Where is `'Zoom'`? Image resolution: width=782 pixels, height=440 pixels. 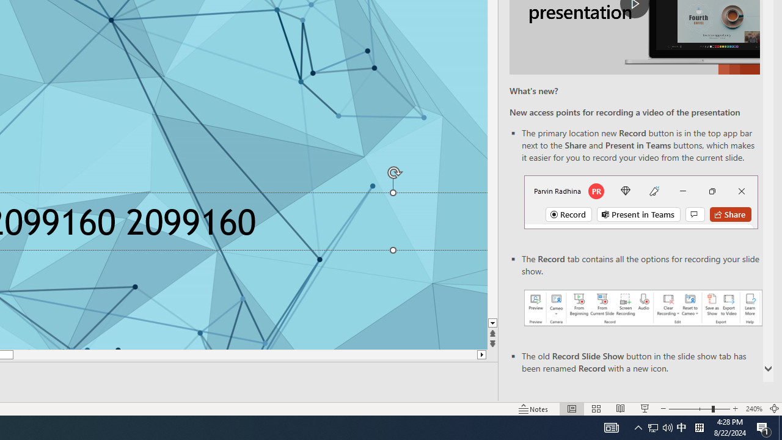
'Zoom' is located at coordinates (699, 409).